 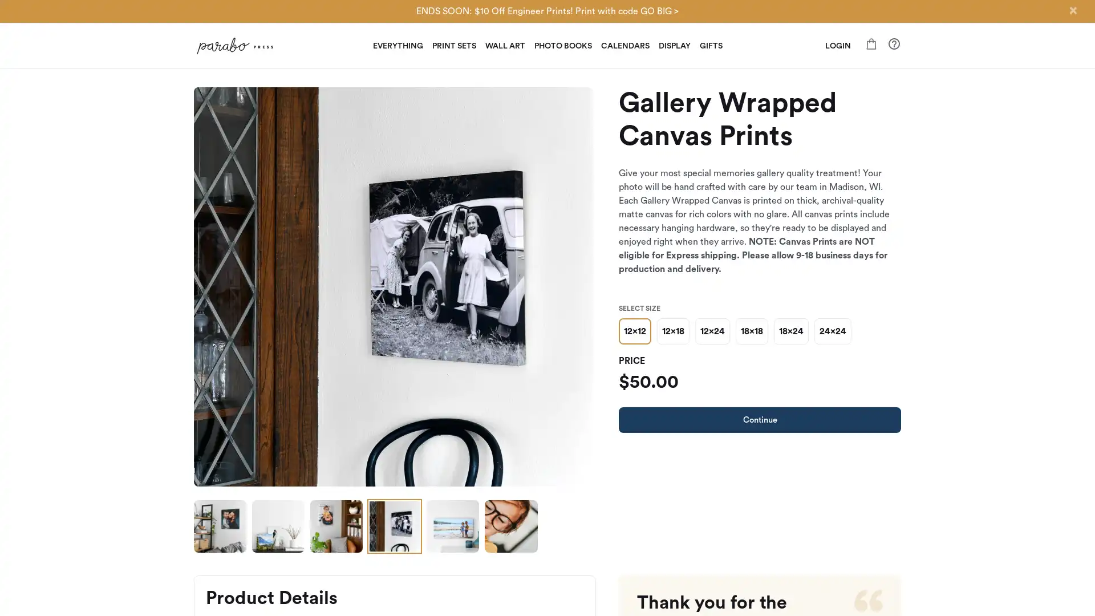 I want to click on slide dot, so click(x=510, y=526).